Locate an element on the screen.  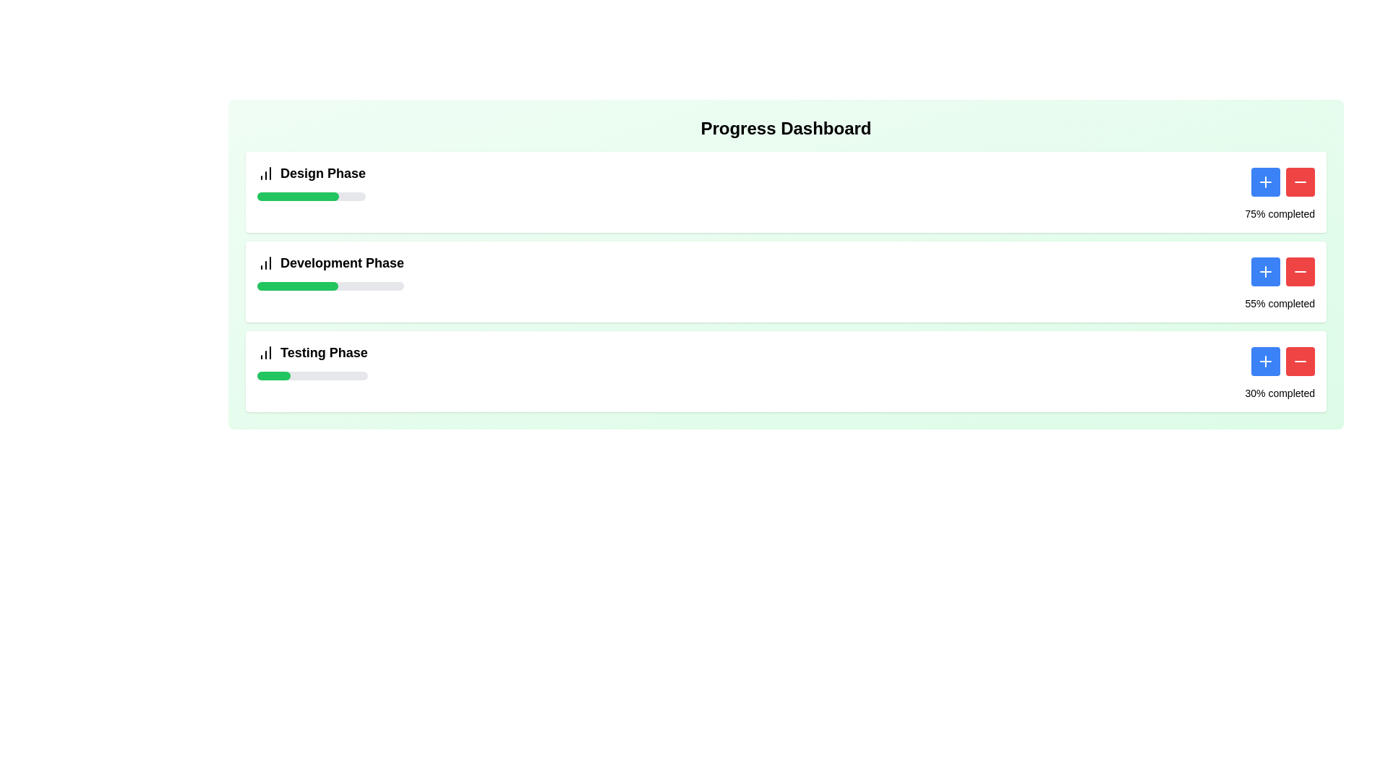
the '+' button in the Button Group located in the top-right part of the 'Design Phase' section to increase a value is located at coordinates (1283, 181).